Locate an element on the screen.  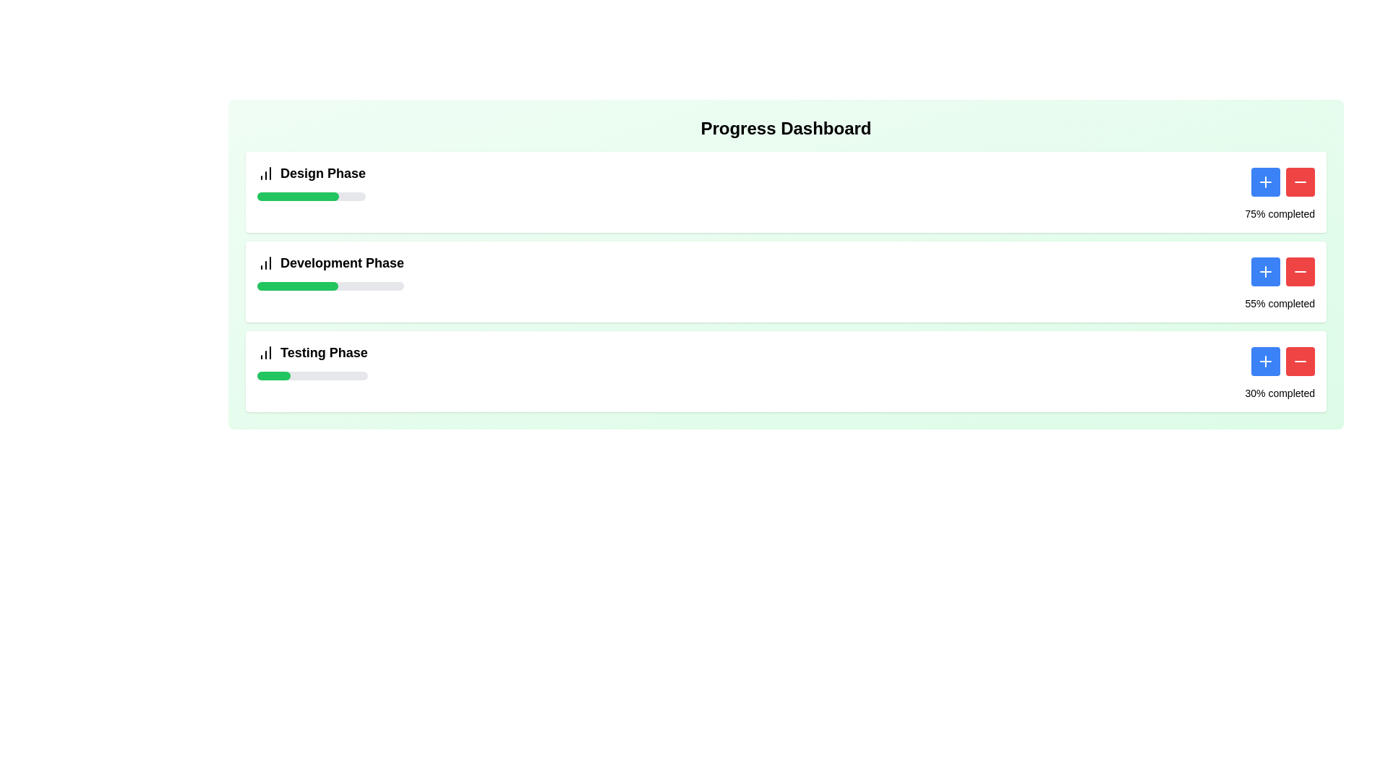
the '+' button in the Button Group located in the top-right part of the 'Design Phase' section to increase a value is located at coordinates (1283, 181).